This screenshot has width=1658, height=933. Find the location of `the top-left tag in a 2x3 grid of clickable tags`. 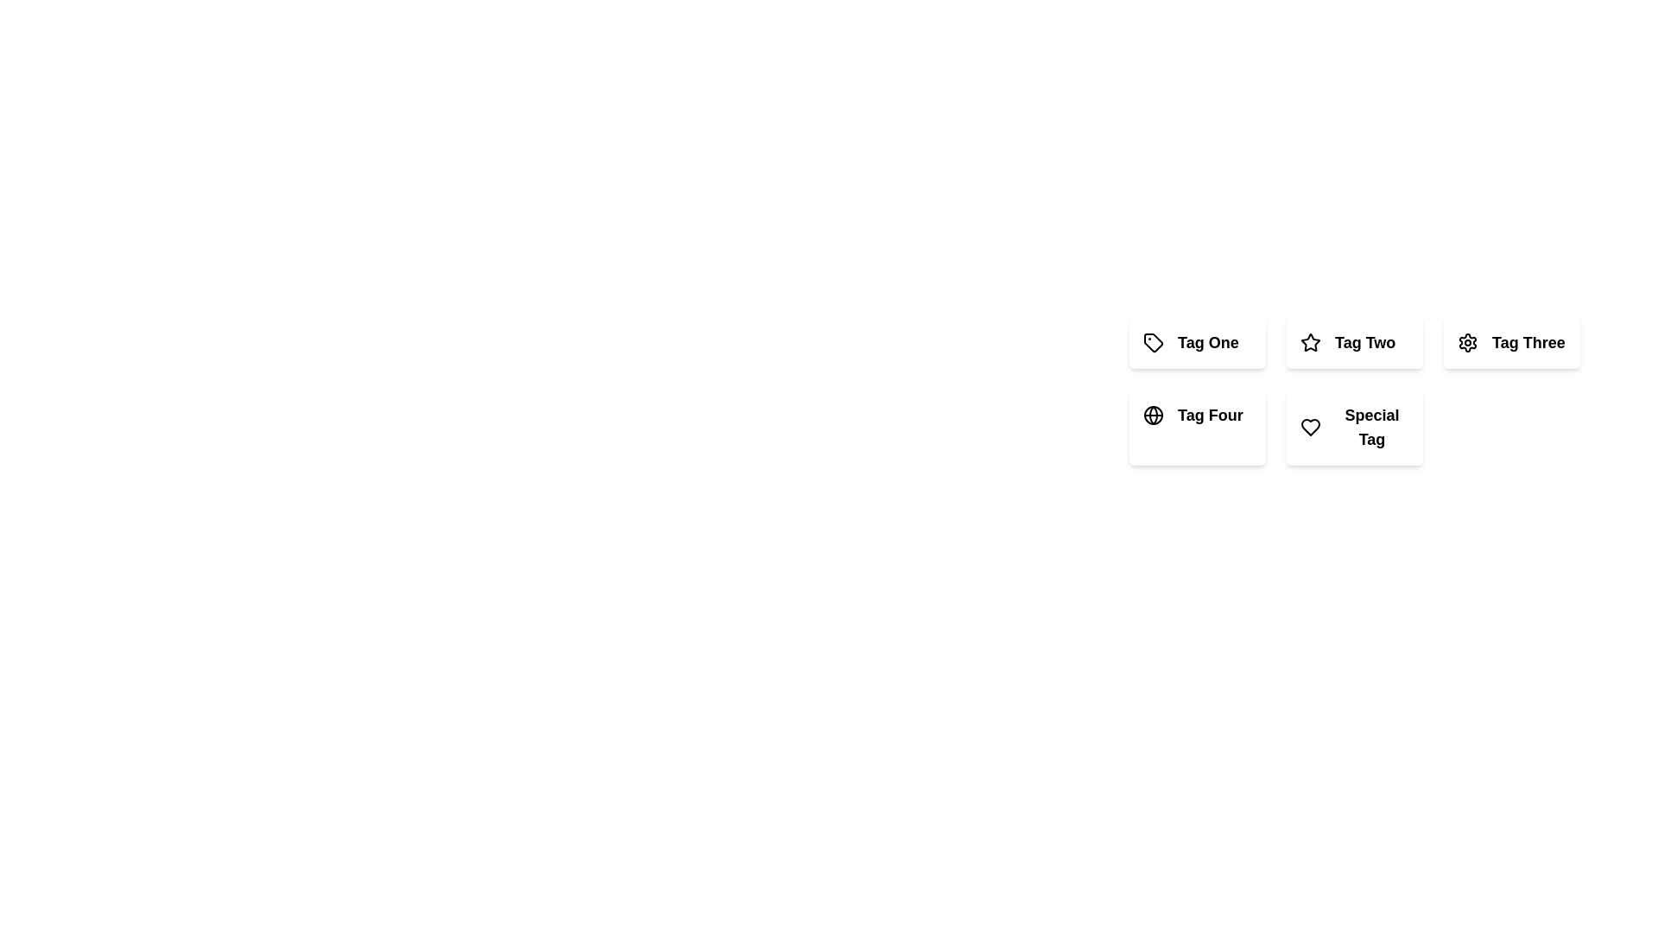

the top-left tag in a 2x3 grid of clickable tags is located at coordinates (1197, 343).